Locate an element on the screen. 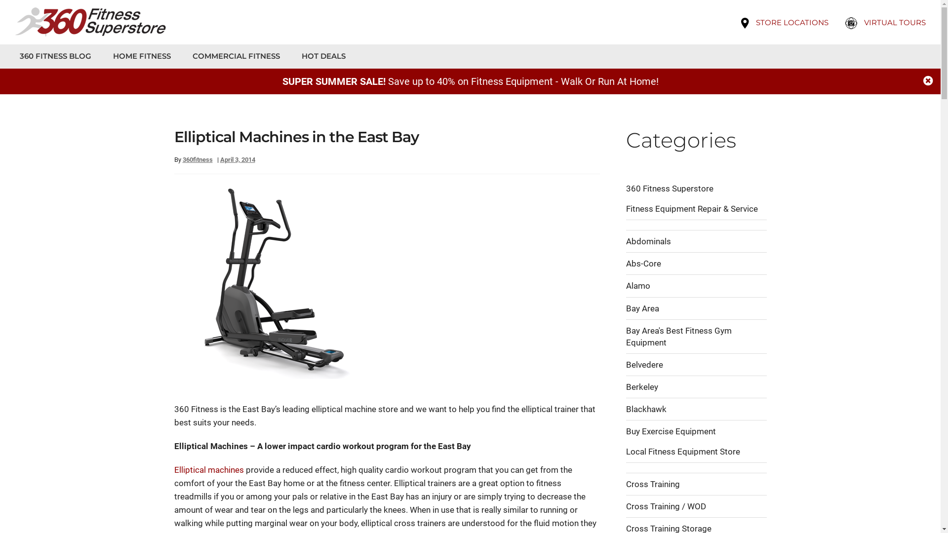 This screenshot has height=533, width=948. 'Bay Area's Best Fitness Gym Equipment' is located at coordinates (678, 336).